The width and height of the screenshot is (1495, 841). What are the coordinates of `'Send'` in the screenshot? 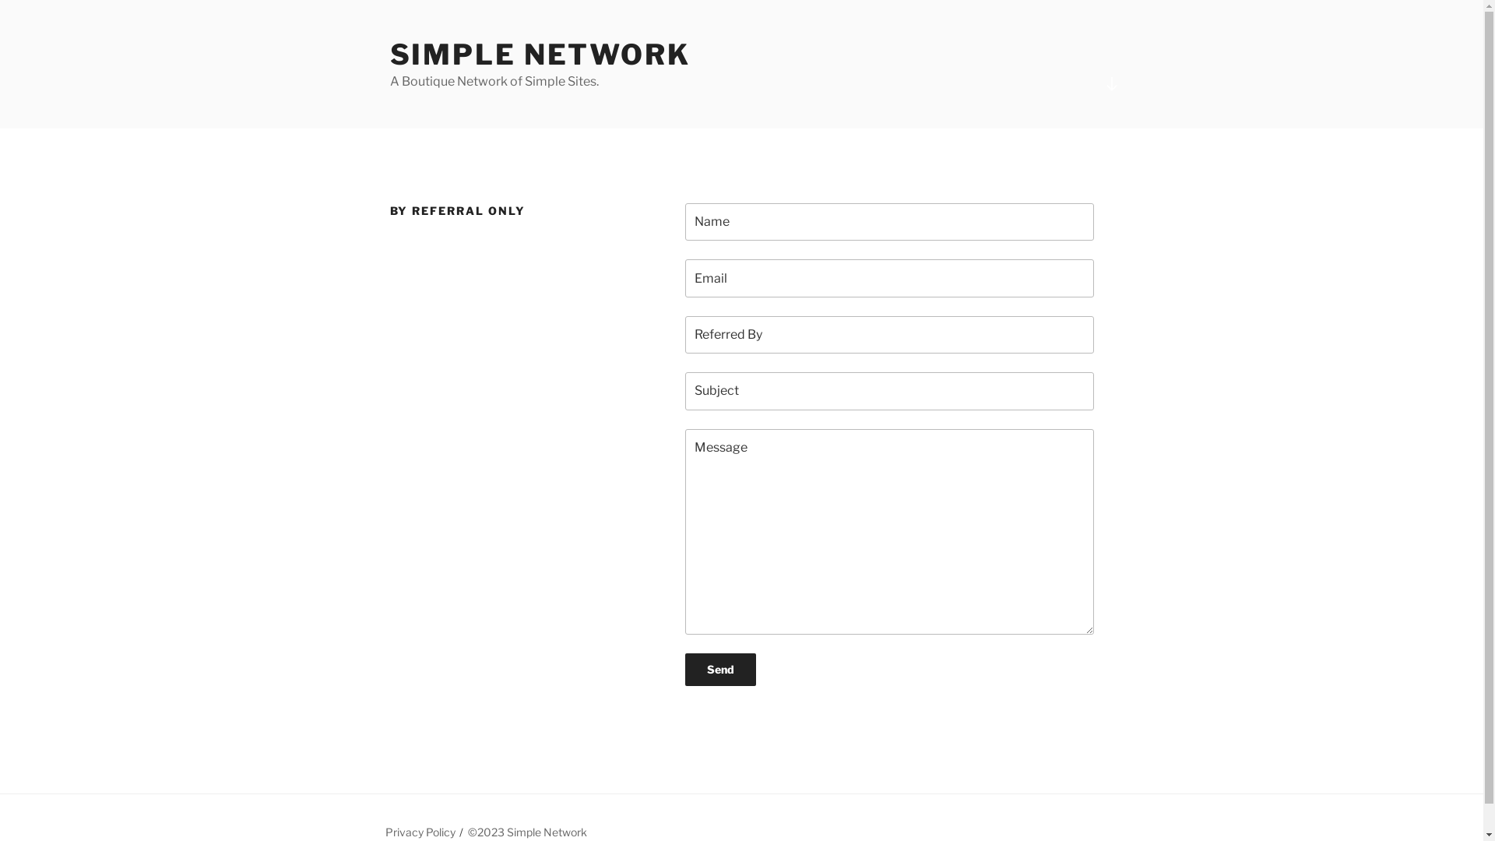 It's located at (719, 669).